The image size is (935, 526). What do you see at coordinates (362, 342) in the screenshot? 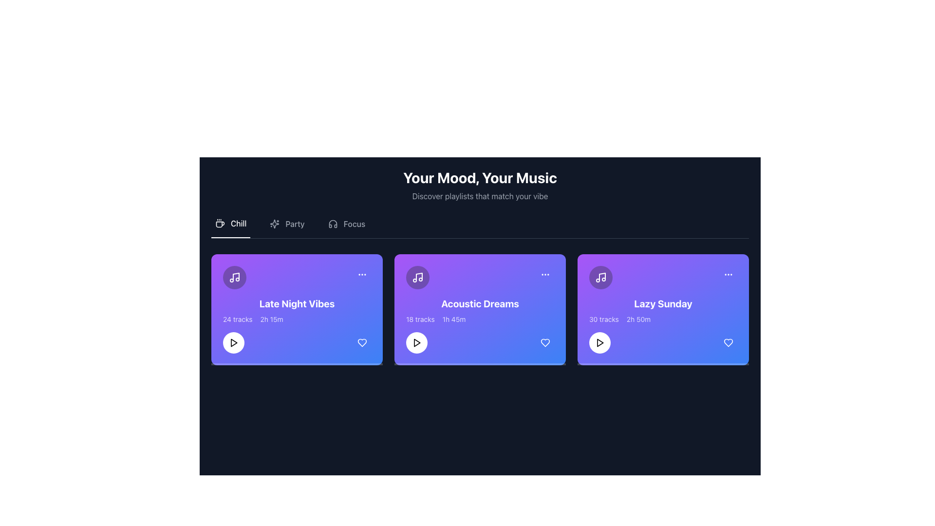
I see `the 'favorite' button for the 'Late Night Vibes' playlist` at bounding box center [362, 342].